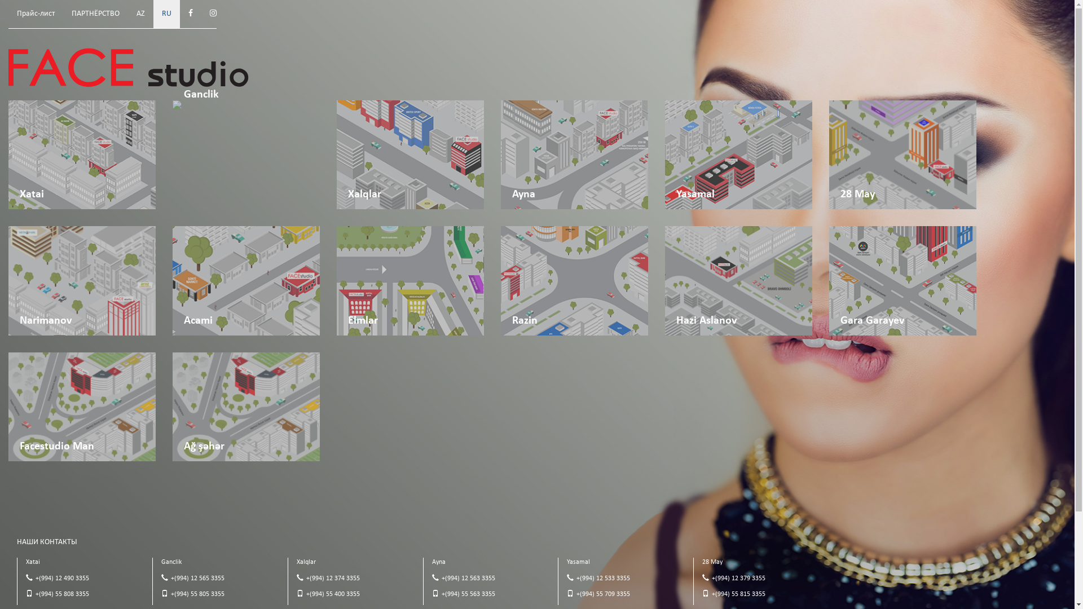  Describe the element at coordinates (81, 407) in the screenshot. I see `'Facestudio Man'` at that location.